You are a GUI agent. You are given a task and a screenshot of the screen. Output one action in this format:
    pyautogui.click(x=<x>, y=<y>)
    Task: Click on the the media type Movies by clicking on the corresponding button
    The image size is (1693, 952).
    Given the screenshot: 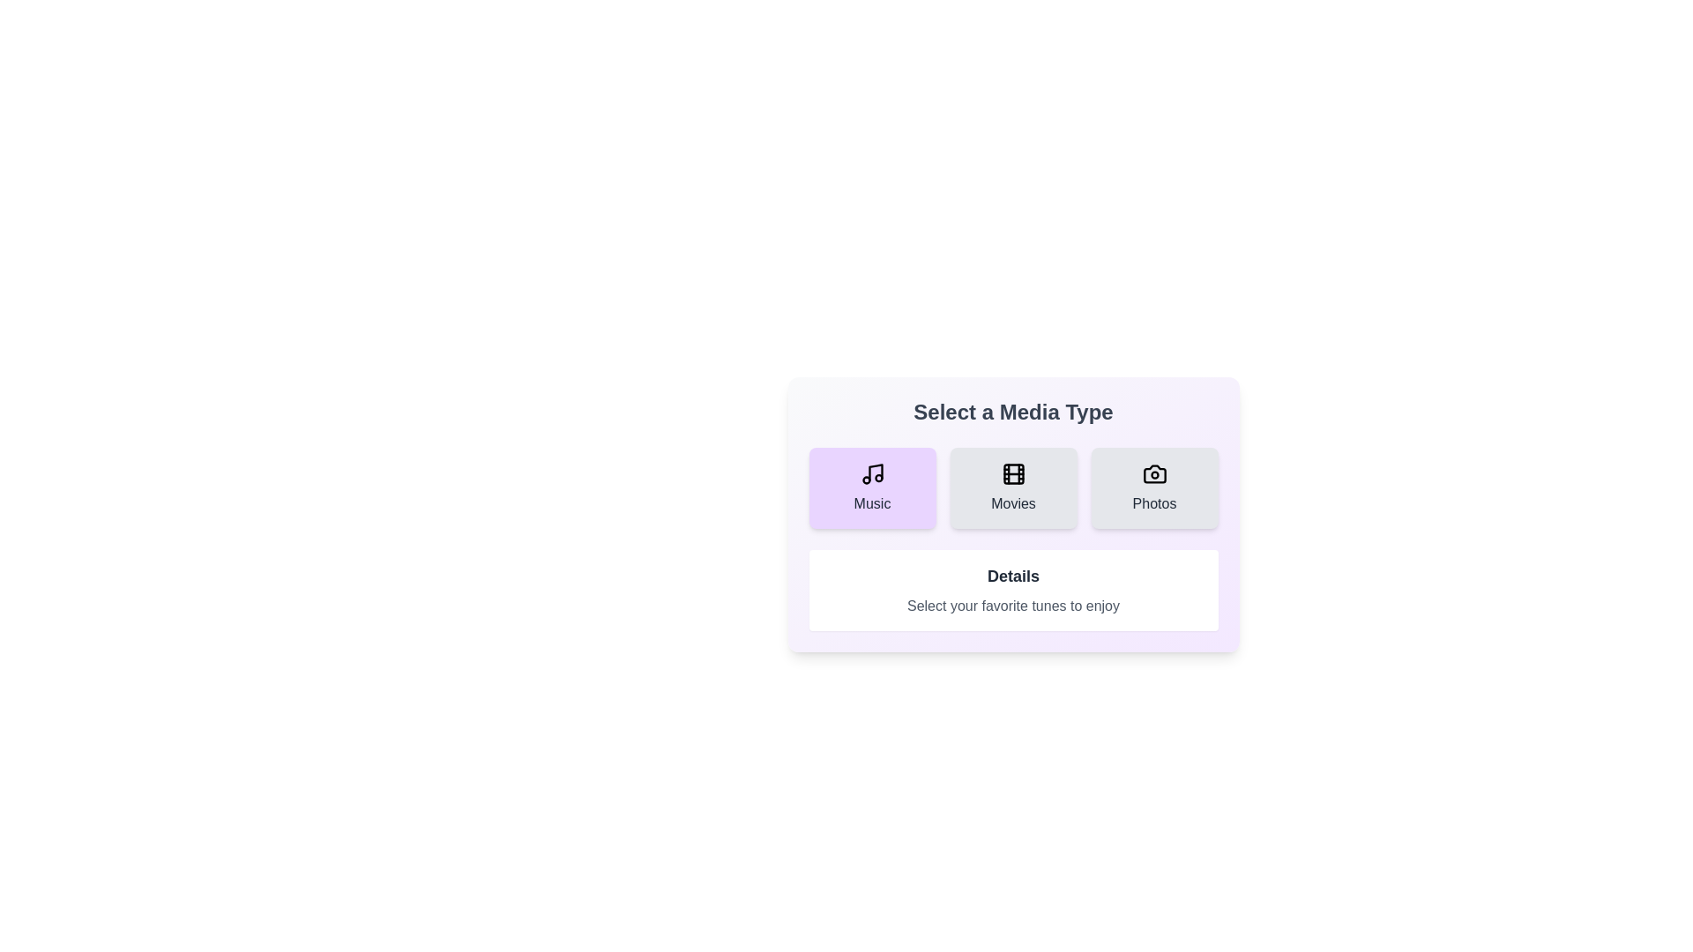 What is the action you would take?
    pyautogui.click(x=1013, y=488)
    